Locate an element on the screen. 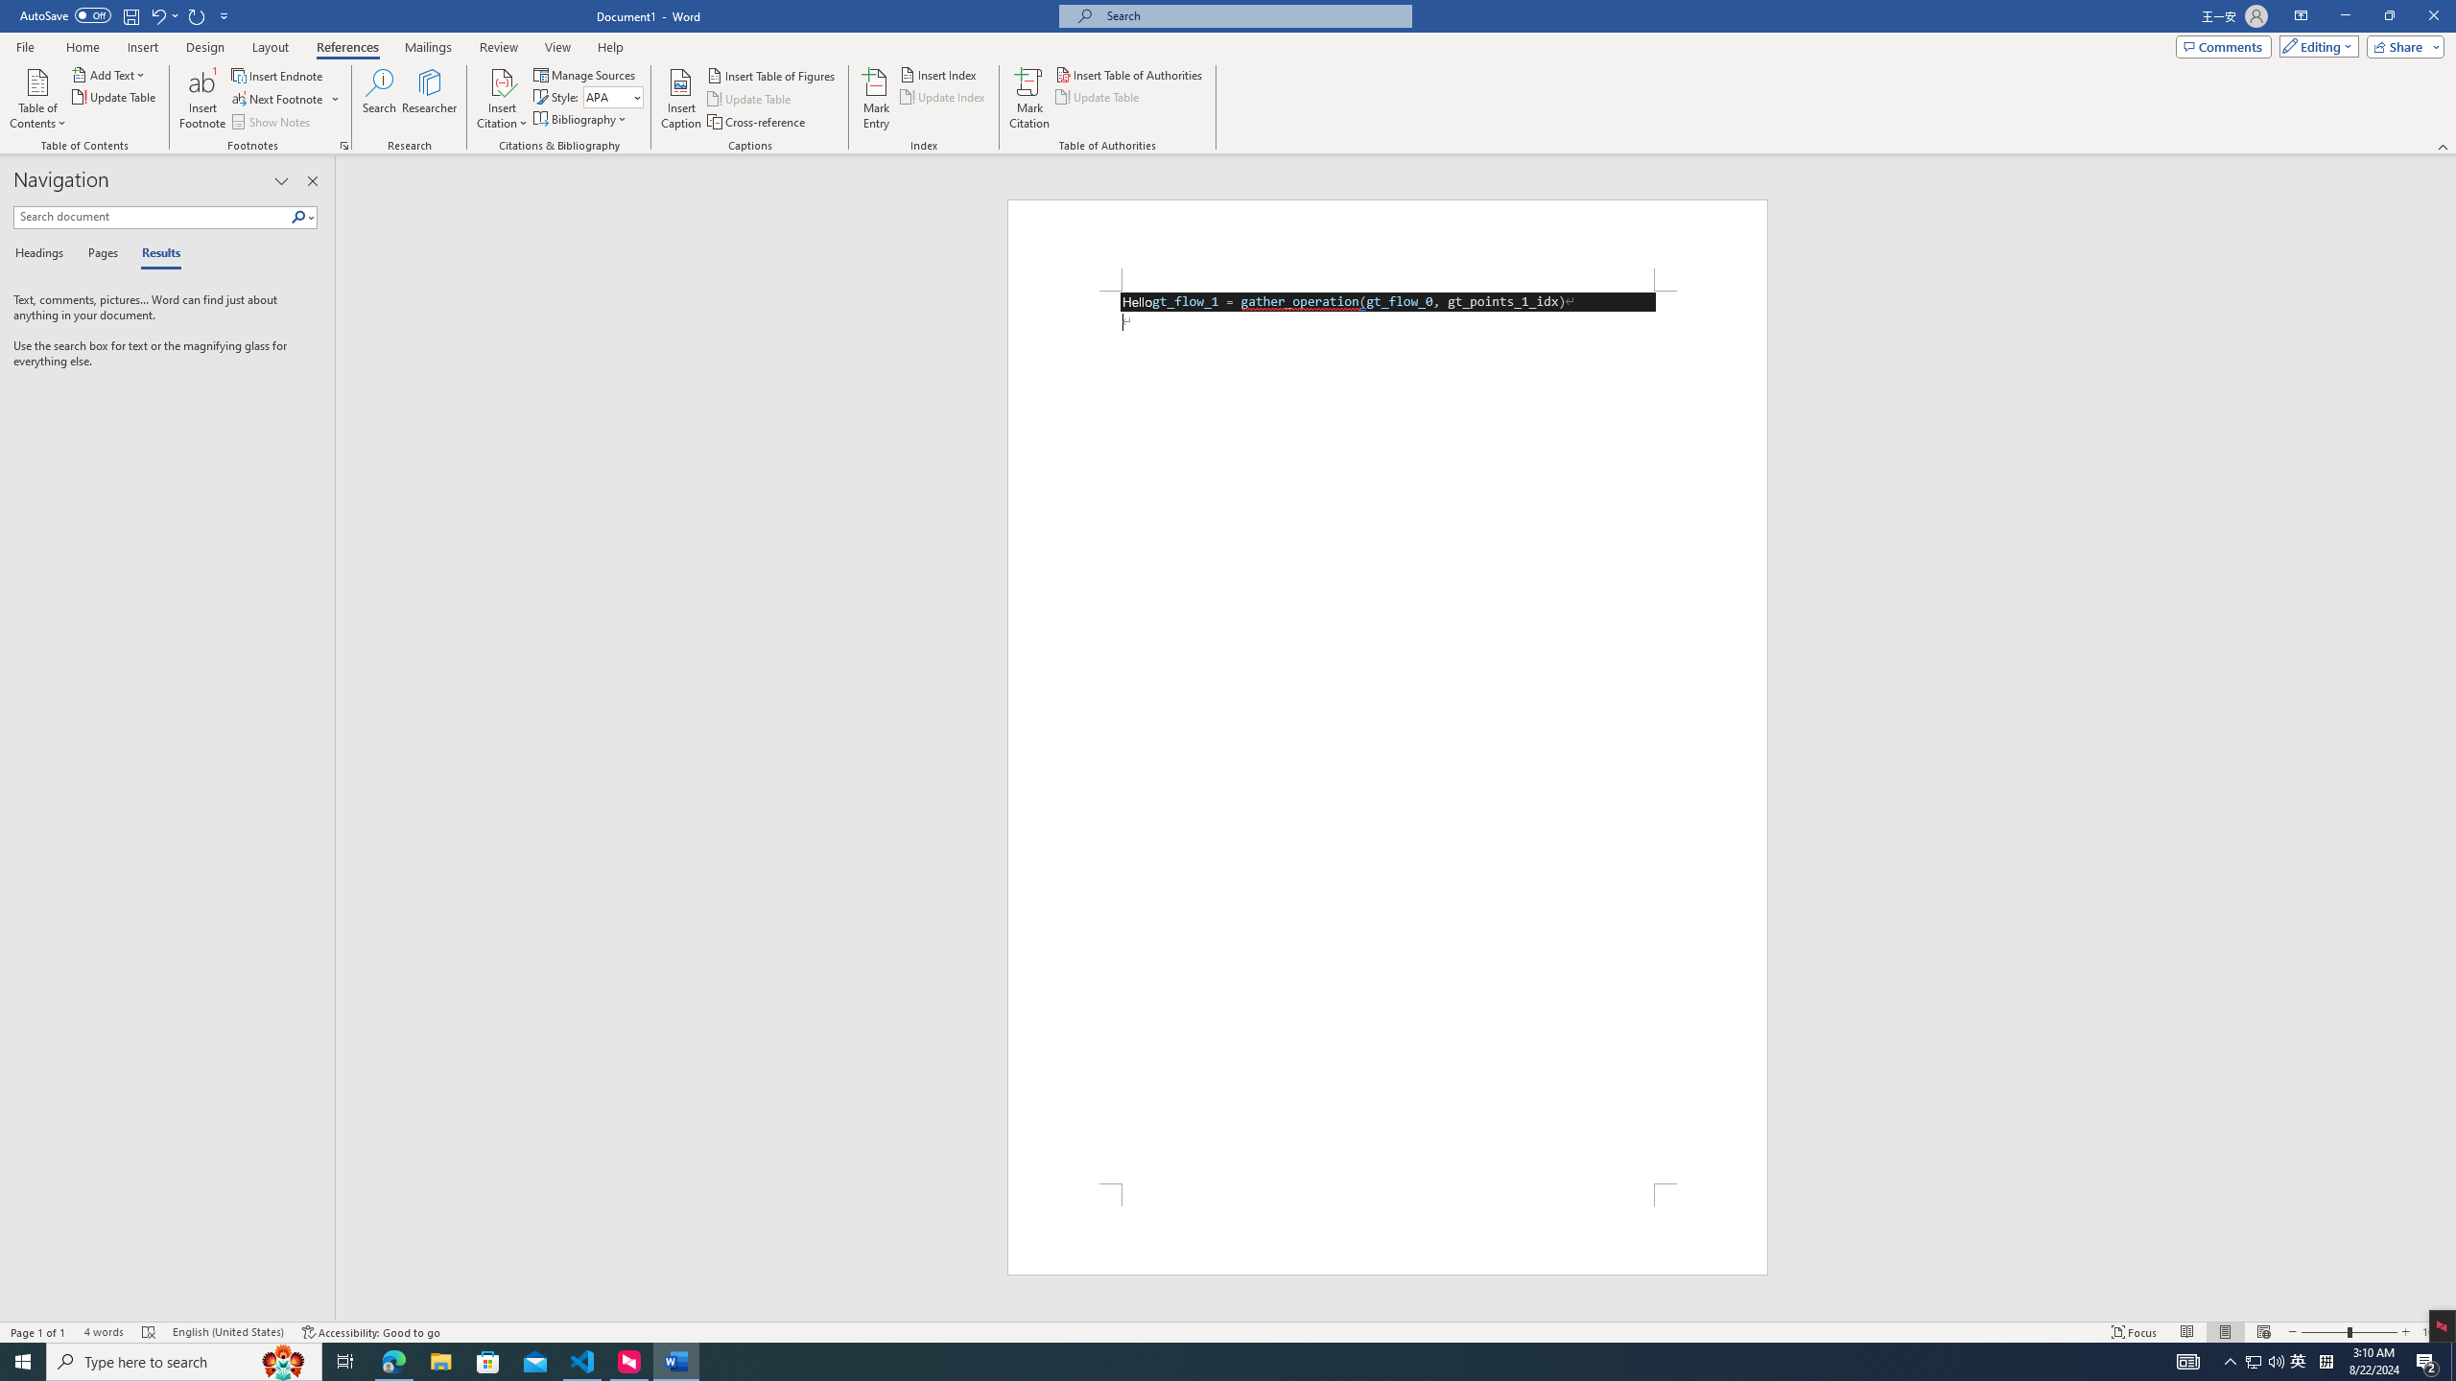  'Collapse the Ribbon' is located at coordinates (2444, 147).